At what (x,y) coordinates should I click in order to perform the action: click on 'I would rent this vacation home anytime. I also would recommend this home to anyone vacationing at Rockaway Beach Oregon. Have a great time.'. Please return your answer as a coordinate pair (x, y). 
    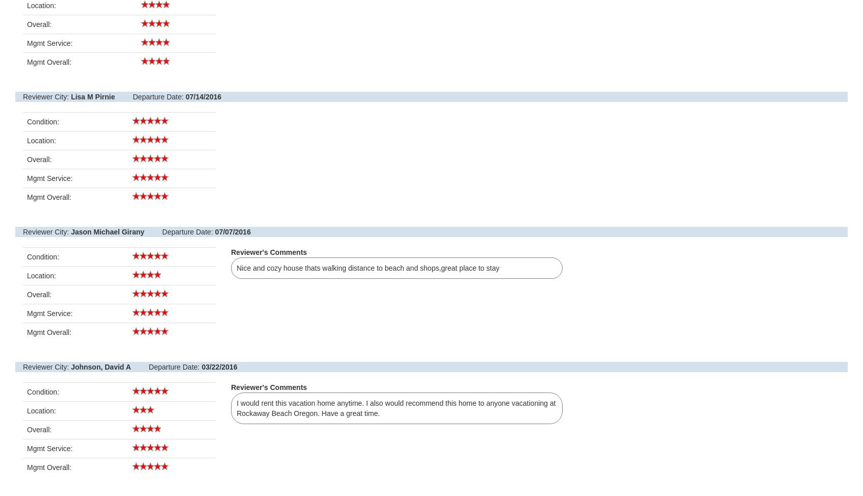
    Looking at the image, I should click on (396, 407).